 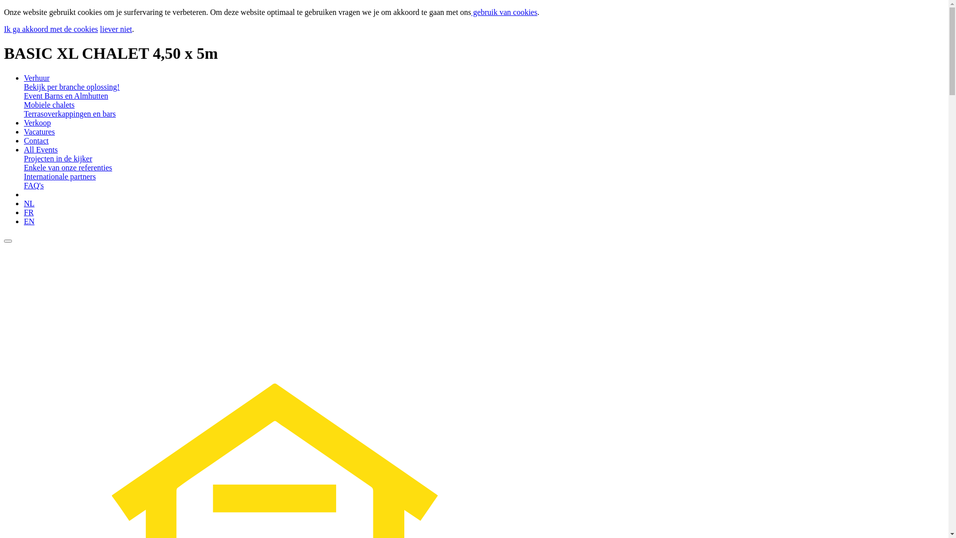 I want to click on 'gebruik van cookies', so click(x=470, y=12).